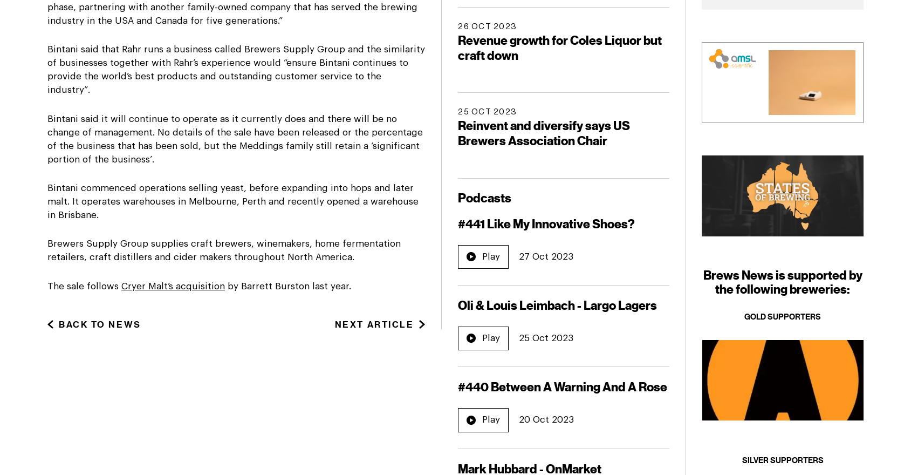 Image resolution: width=911 pixels, height=475 pixels. I want to click on 'Gold Supporters', so click(783, 316).